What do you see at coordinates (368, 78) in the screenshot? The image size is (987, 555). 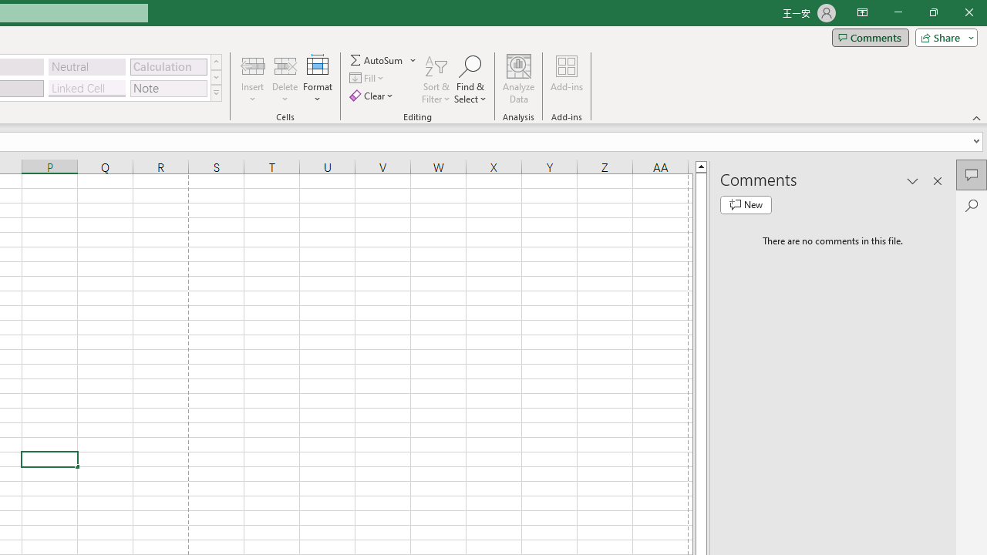 I see `'Fill'` at bounding box center [368, 78].